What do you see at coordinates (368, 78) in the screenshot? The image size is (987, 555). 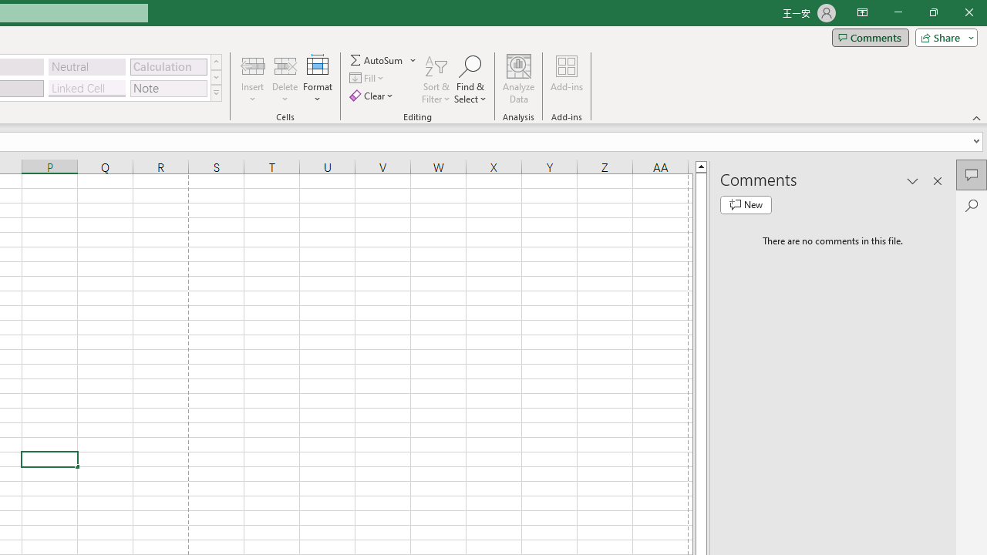 I see `'Fill'` at bounding box center [368, 78].